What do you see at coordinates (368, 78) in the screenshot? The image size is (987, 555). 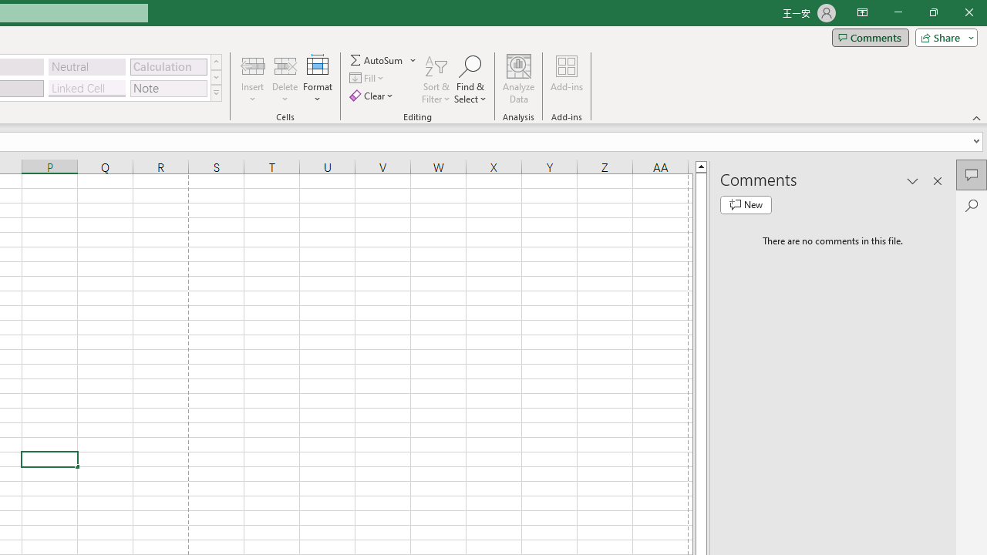 I see `'Fill'` at bounding box center [368, 78].